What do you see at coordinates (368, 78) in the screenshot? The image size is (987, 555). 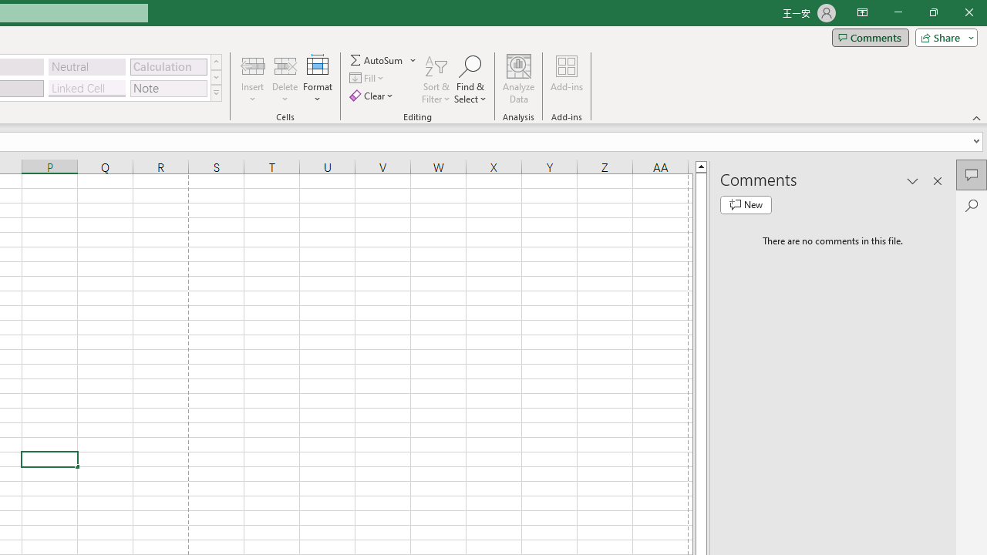 I see `'Fill'` at bounding box center [368, 78].